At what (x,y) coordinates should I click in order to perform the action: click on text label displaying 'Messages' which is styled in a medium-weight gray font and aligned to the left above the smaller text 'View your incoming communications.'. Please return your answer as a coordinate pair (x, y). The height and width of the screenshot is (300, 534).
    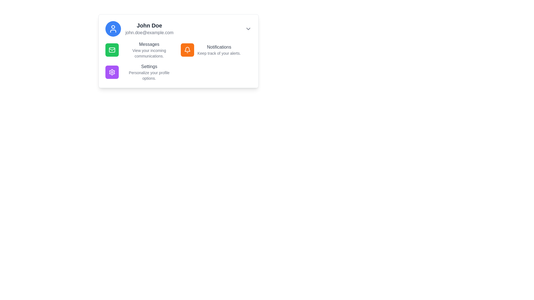
    Looking at the image, I should click on (149, 44).